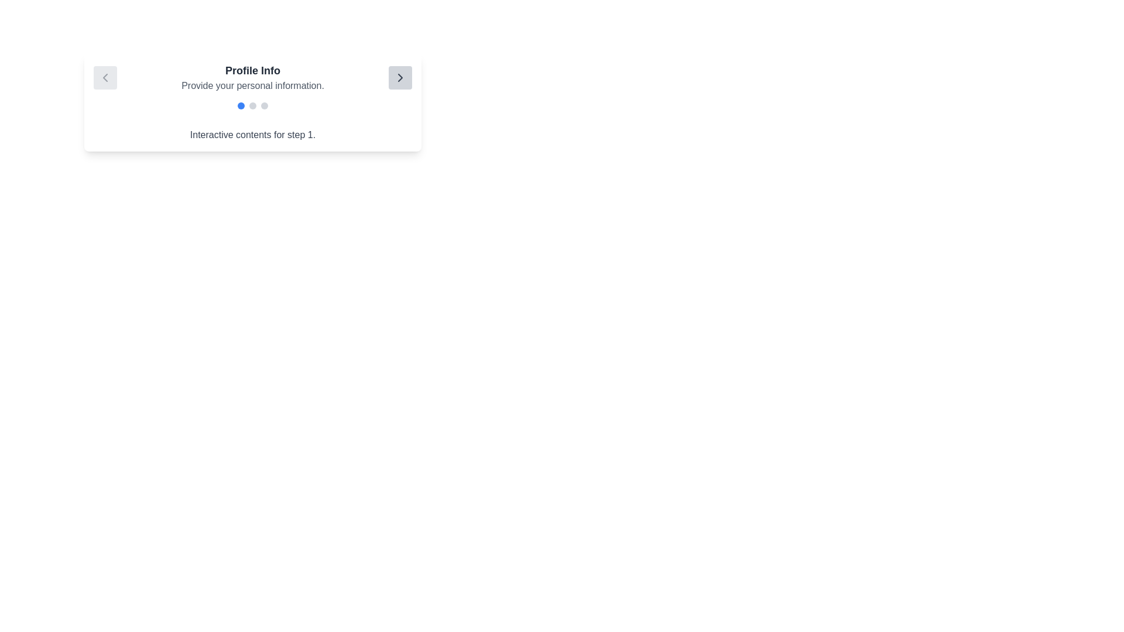 Image resolution: width=1124 pixels, height=632 pixels. Describe the element at coordinates (252, 85) in the screenshot. I see `the label displaying 'Provide your personal information.' which is styled in gray and located directly below the title 'Profile Info'` at that location.